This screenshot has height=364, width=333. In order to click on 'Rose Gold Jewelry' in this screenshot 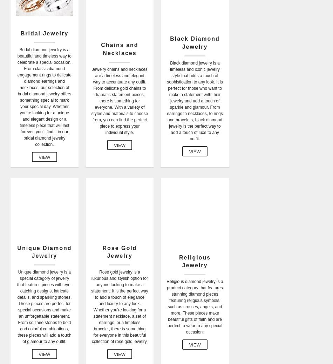, I will do `click(119, 251)`.